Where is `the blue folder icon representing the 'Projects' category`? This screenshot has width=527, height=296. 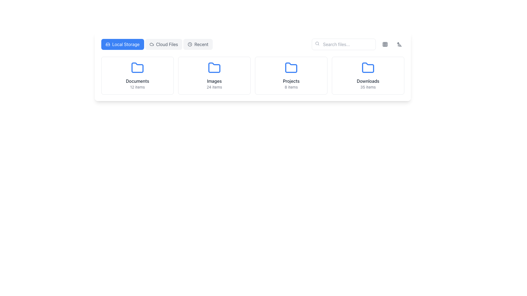 the blue folder icon representing the 'Projects' category is located at coordinates (291, 67).